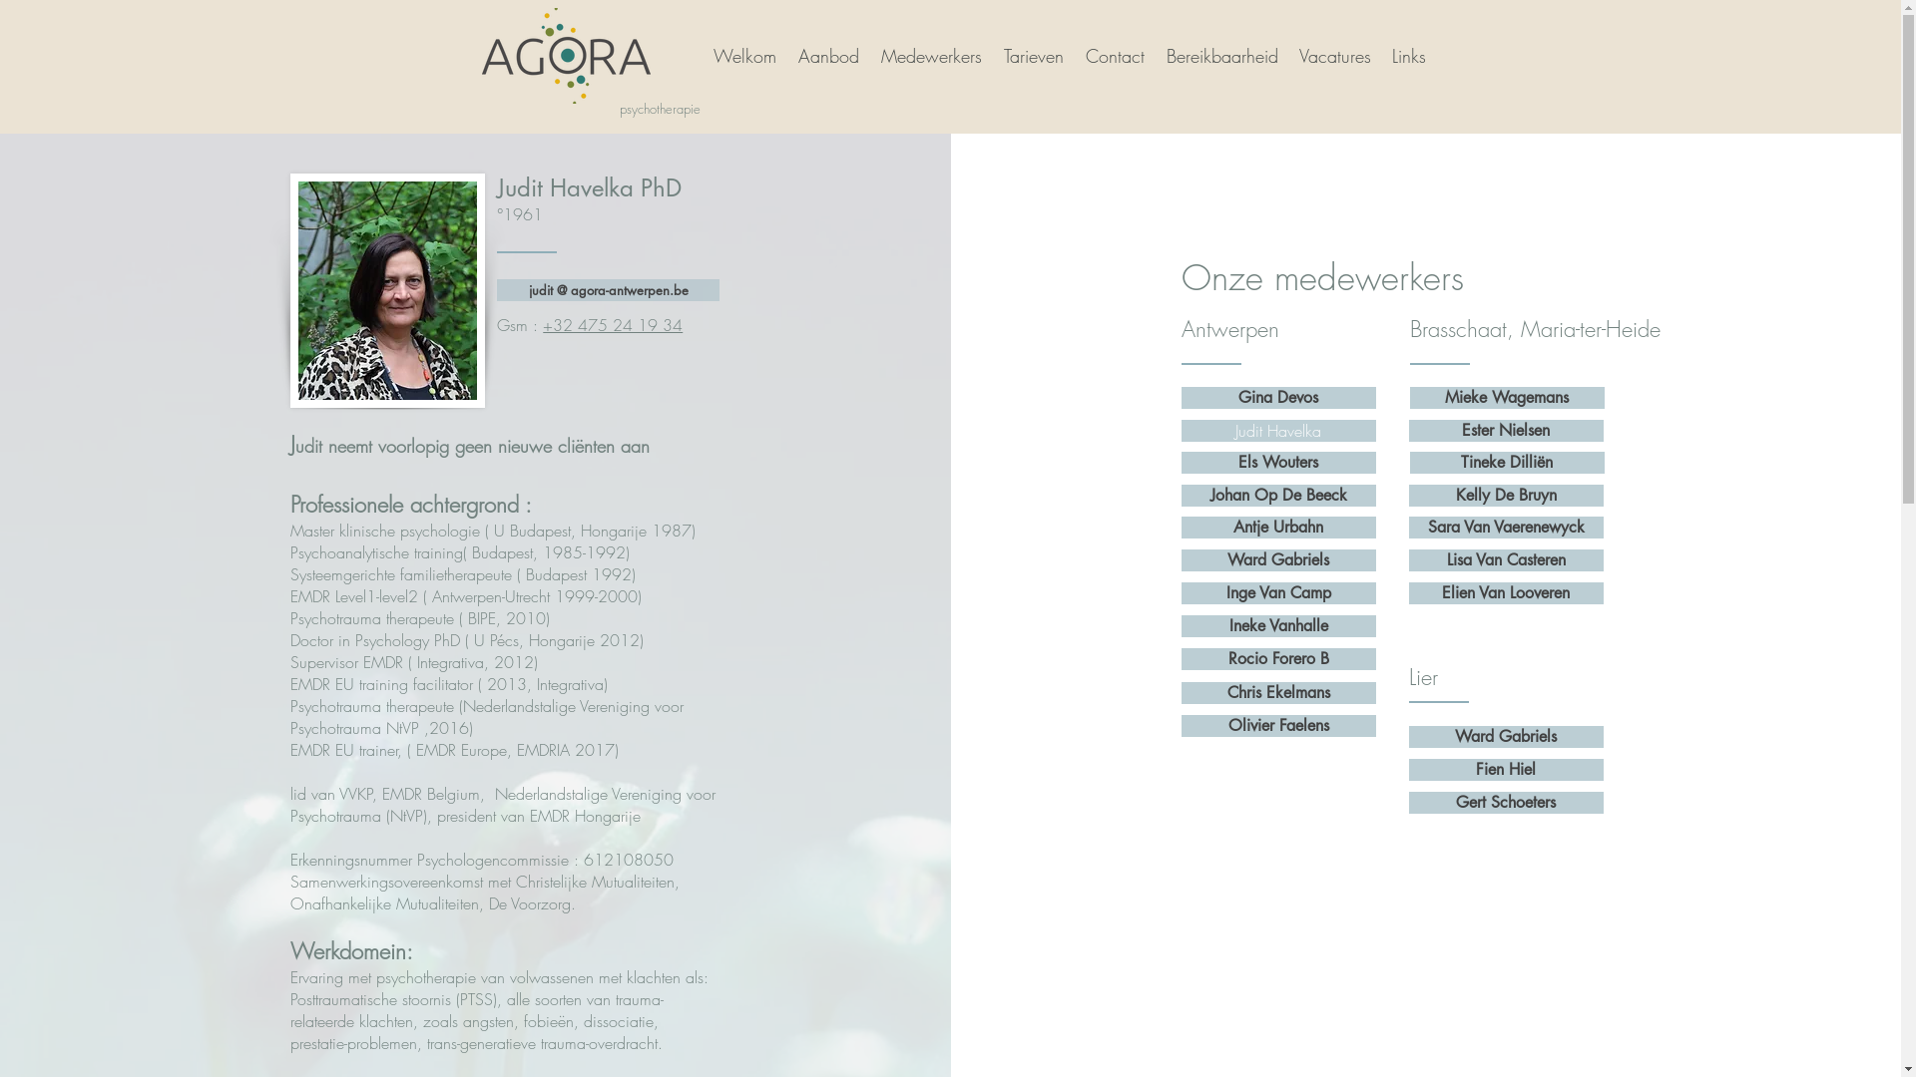  Describe the element at coordinates (928, 55) in the screenshot. I see `'Medewerkers'` at that location.